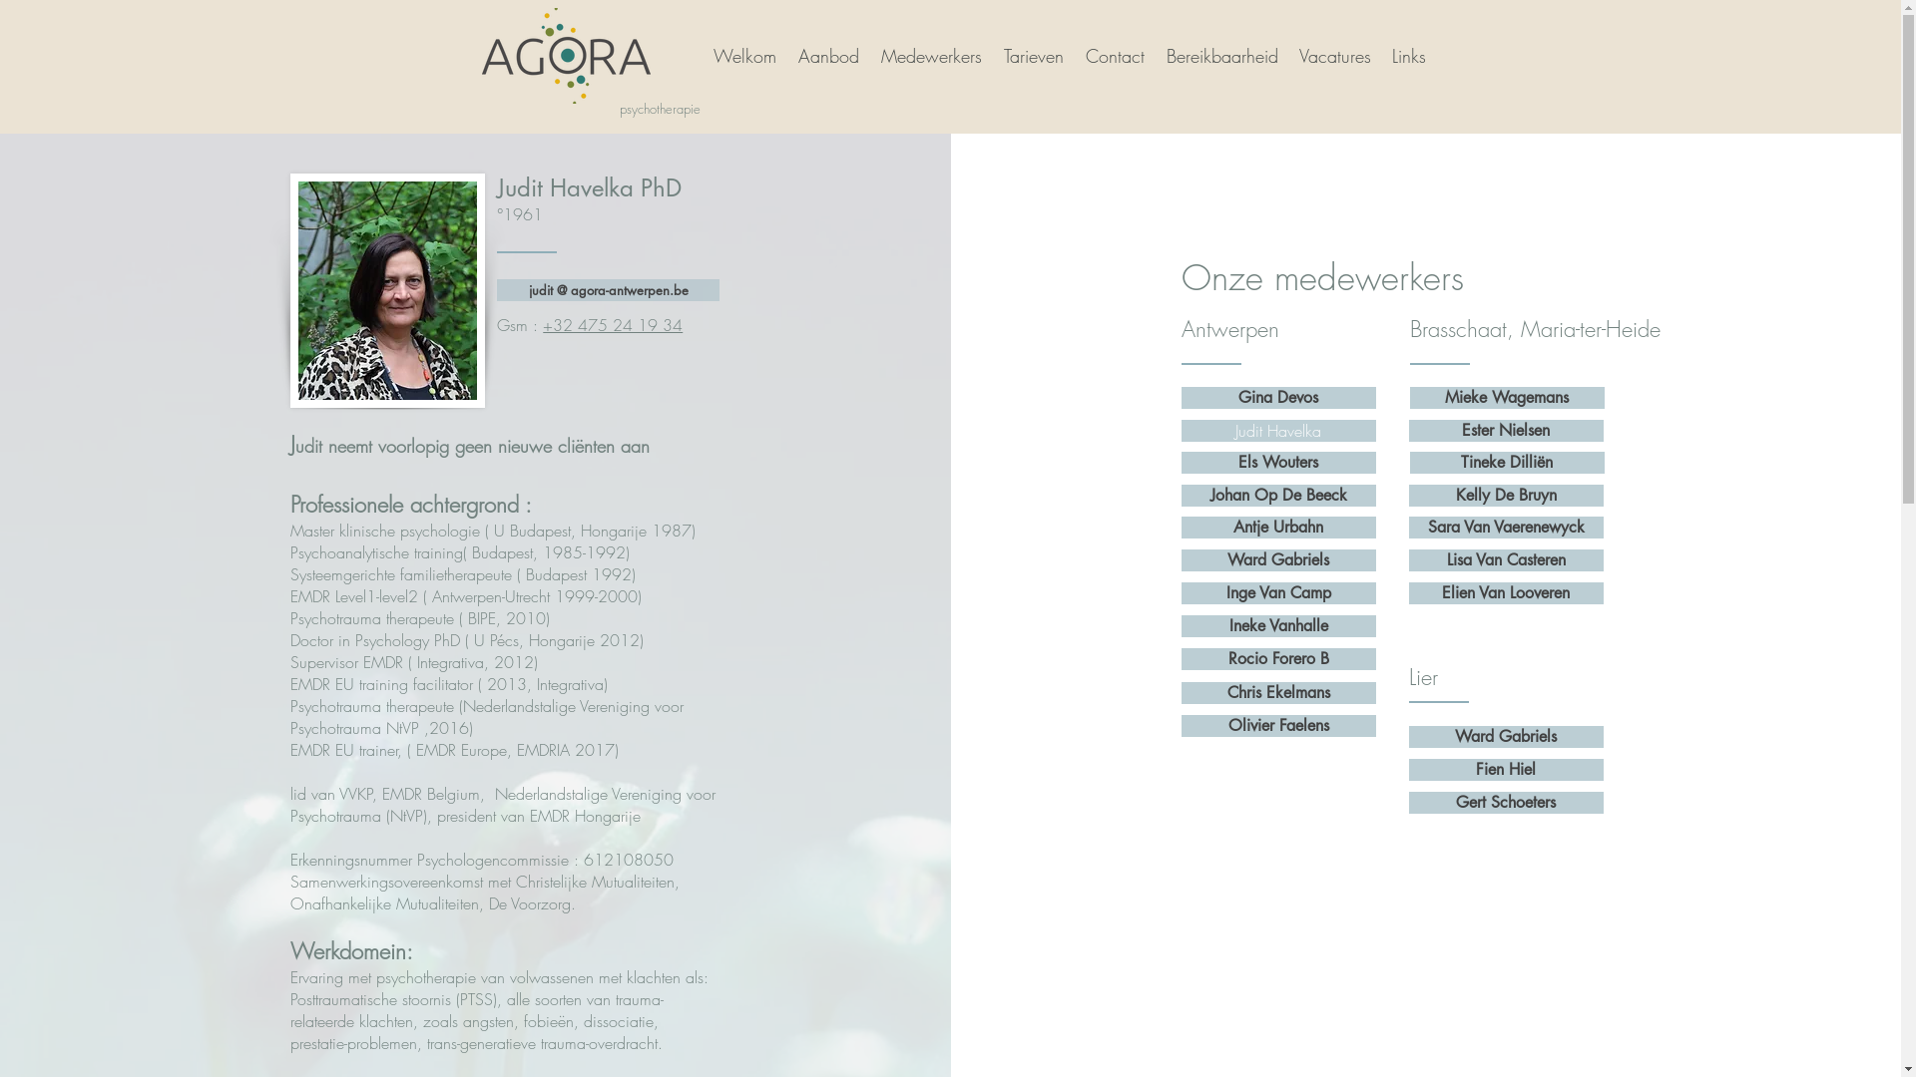  Describe the element at coordinates (928, 55) in the screenshot. I see `'Medewerkers'` at that location.